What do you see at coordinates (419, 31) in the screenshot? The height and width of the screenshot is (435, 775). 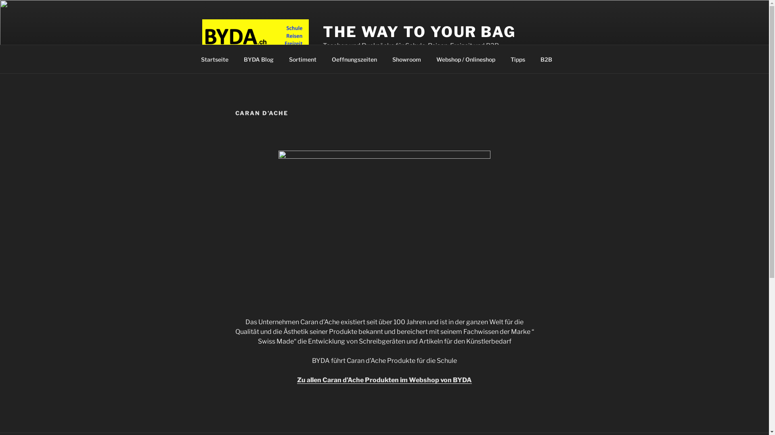 I see `'THE WAY TO YOUR BAG'` at bounding box center [419, 31].